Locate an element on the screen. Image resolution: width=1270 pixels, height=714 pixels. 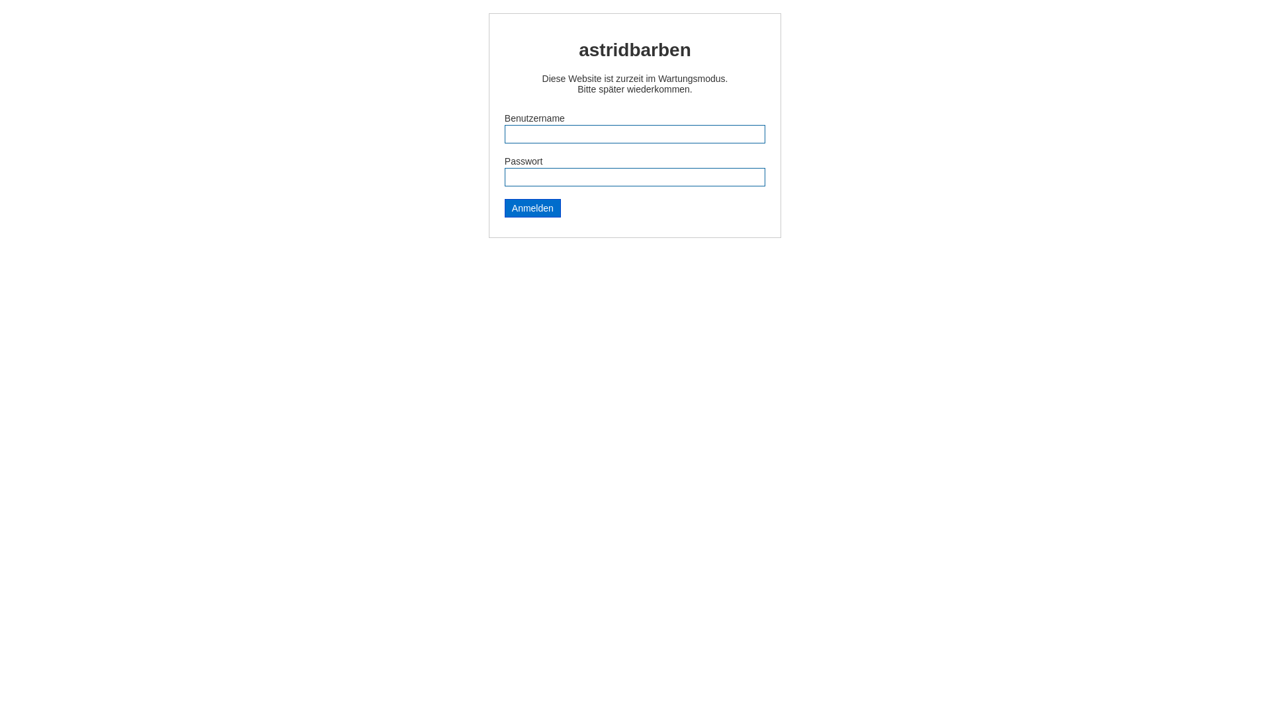
'Anmelden' is located at coordinates (504, 208).